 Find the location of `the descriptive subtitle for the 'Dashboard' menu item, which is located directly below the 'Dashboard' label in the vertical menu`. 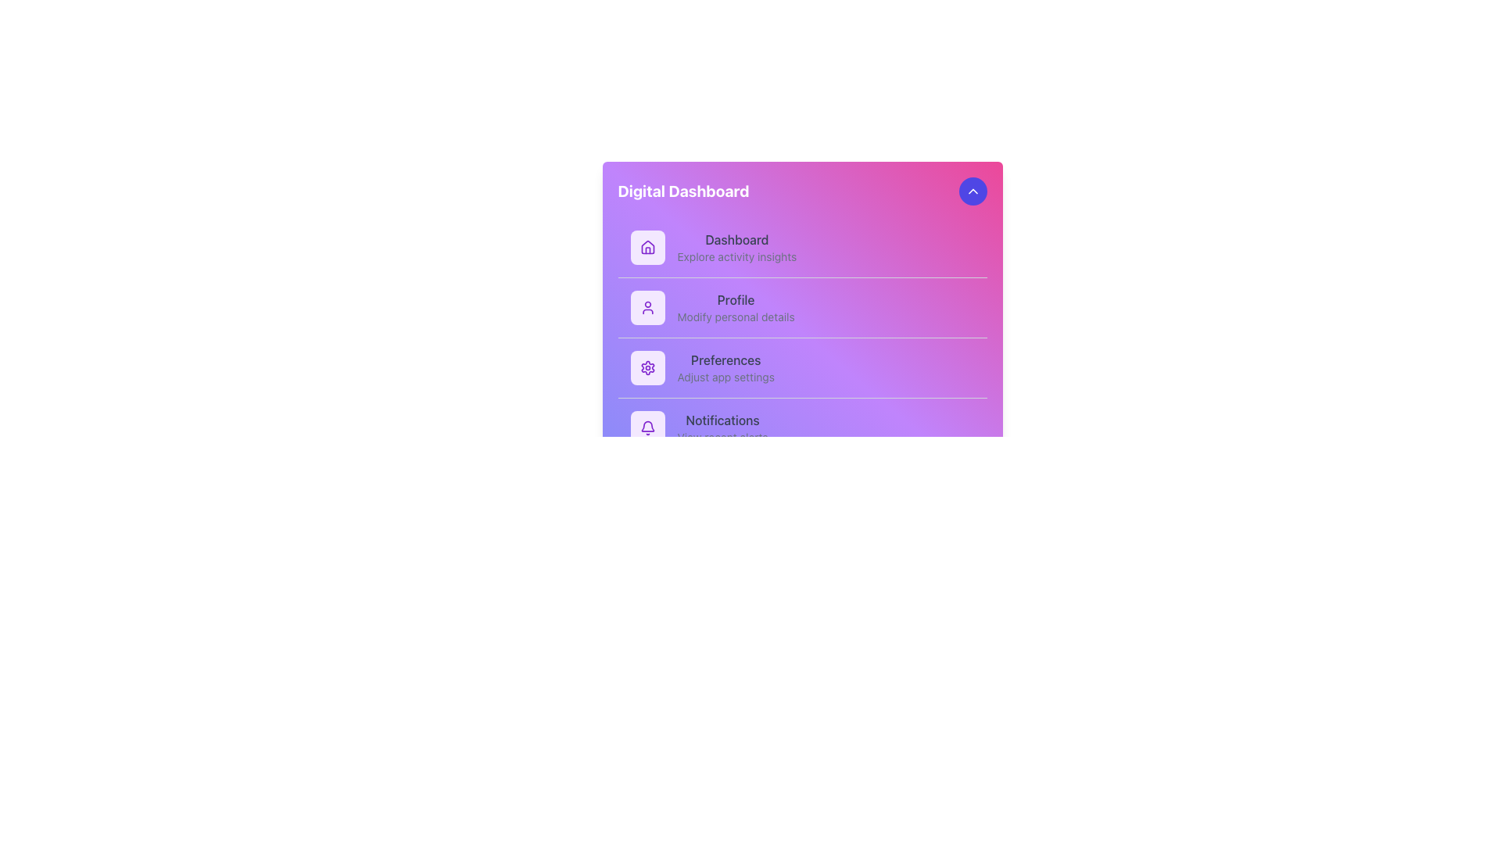

the descriptive subtitle for the 'Dashboard' menu item, which is located directly below the 'Dashboard' label in the vertical menu is located at coordinates (736, 256).